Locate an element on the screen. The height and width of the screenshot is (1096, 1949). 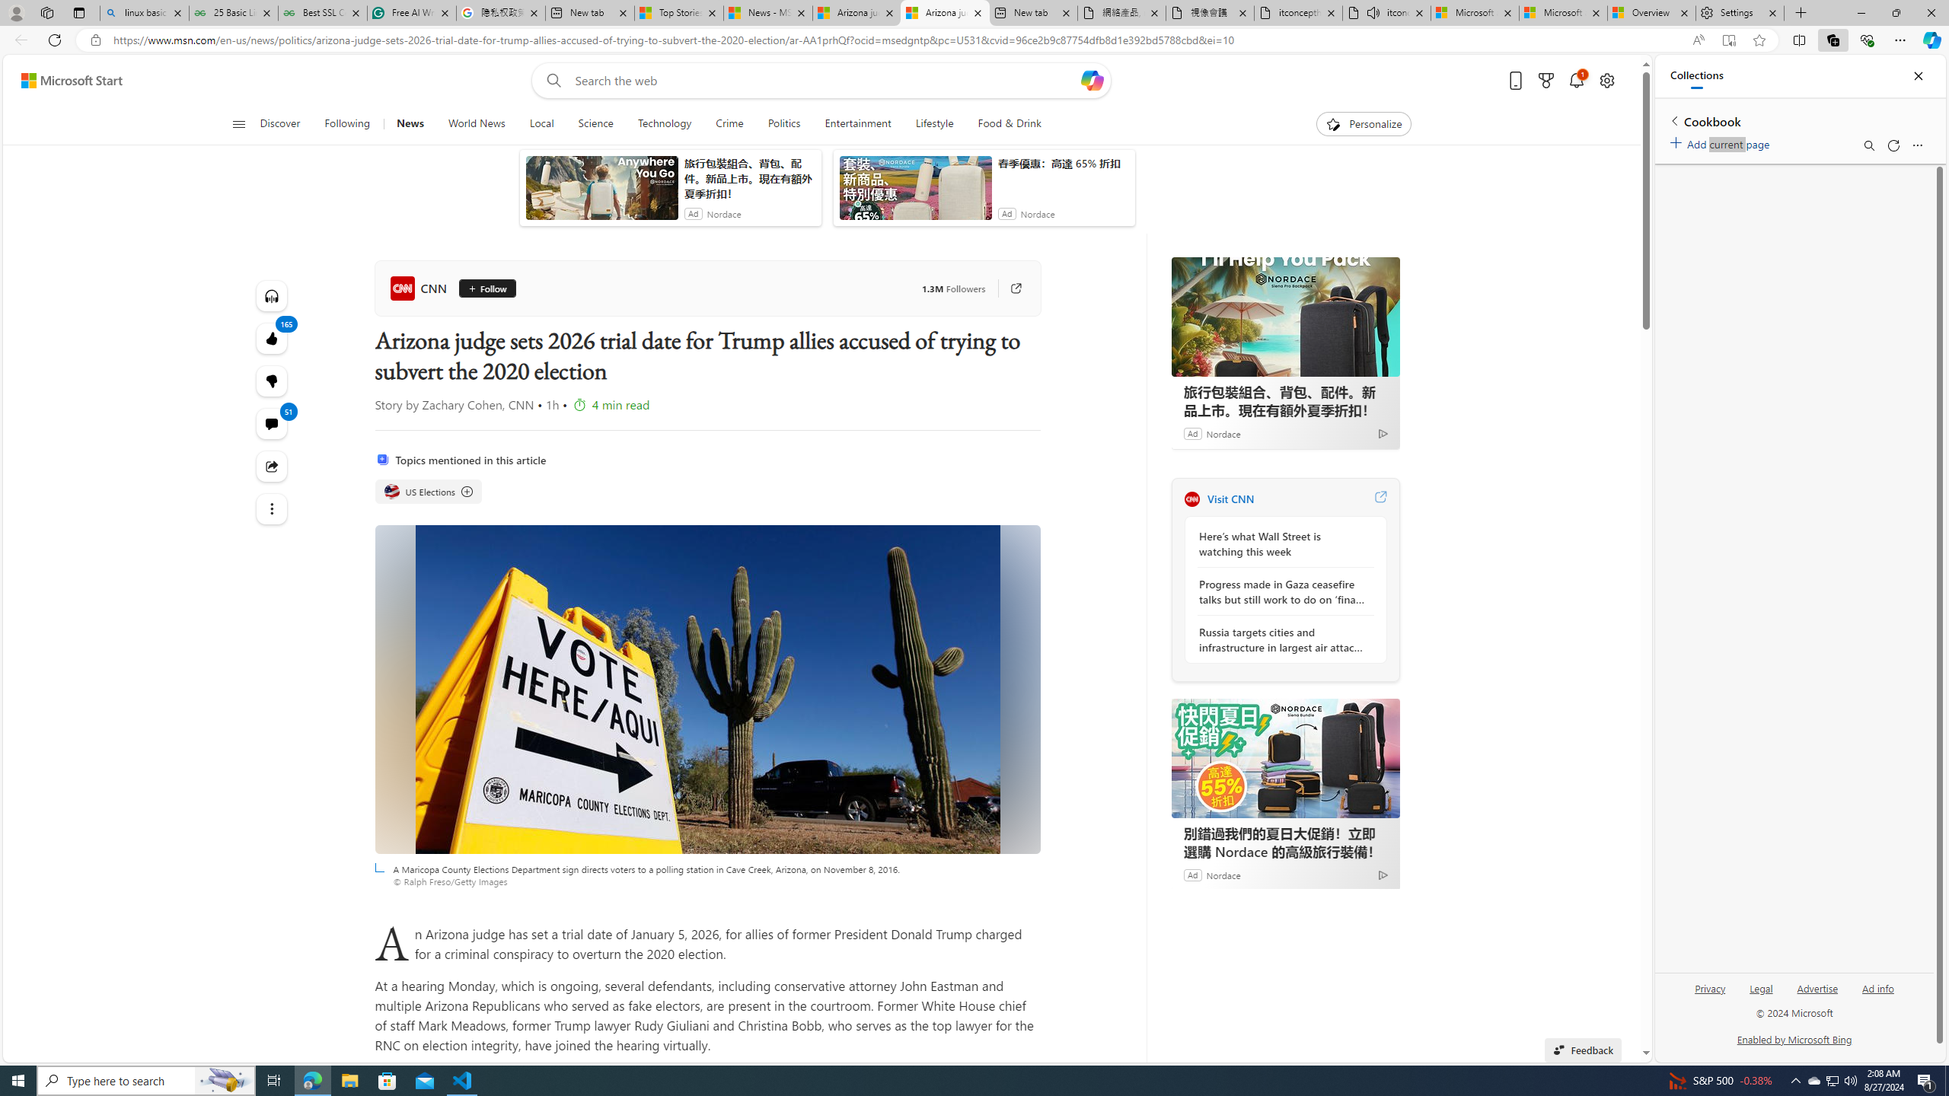
'Open navigation menu' is located at coordinates (238, 123).